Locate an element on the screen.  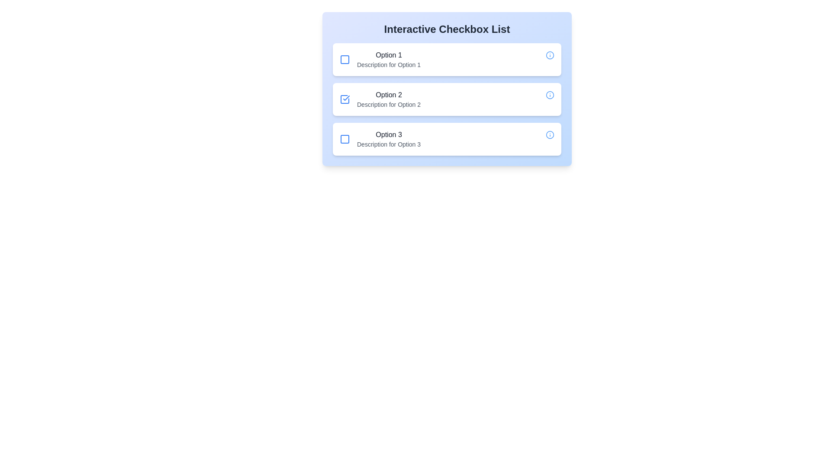
information icon for option 3 is located at coordinates (550, 135).